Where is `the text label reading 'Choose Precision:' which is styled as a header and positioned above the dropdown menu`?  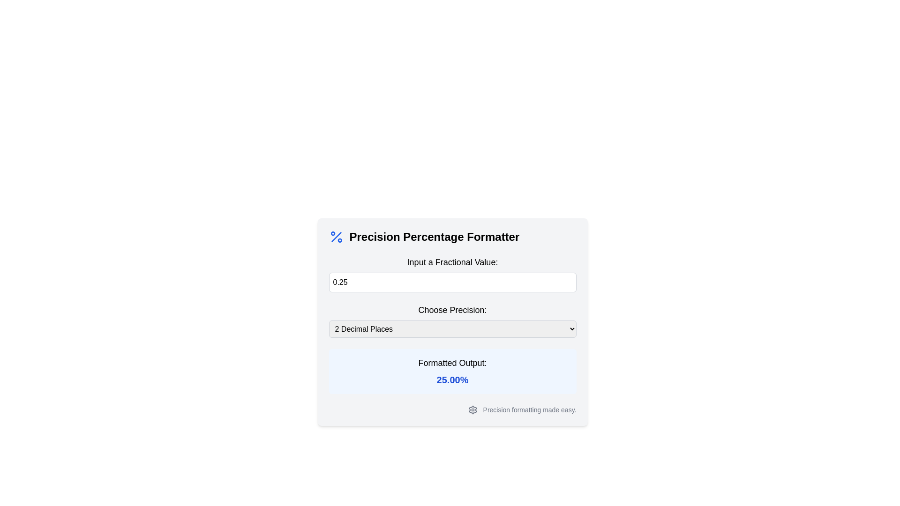 the text label reading 'Choose Precision:' which is styled as a header and positioned above the dropdown menu is located at coordinates (452, 310).